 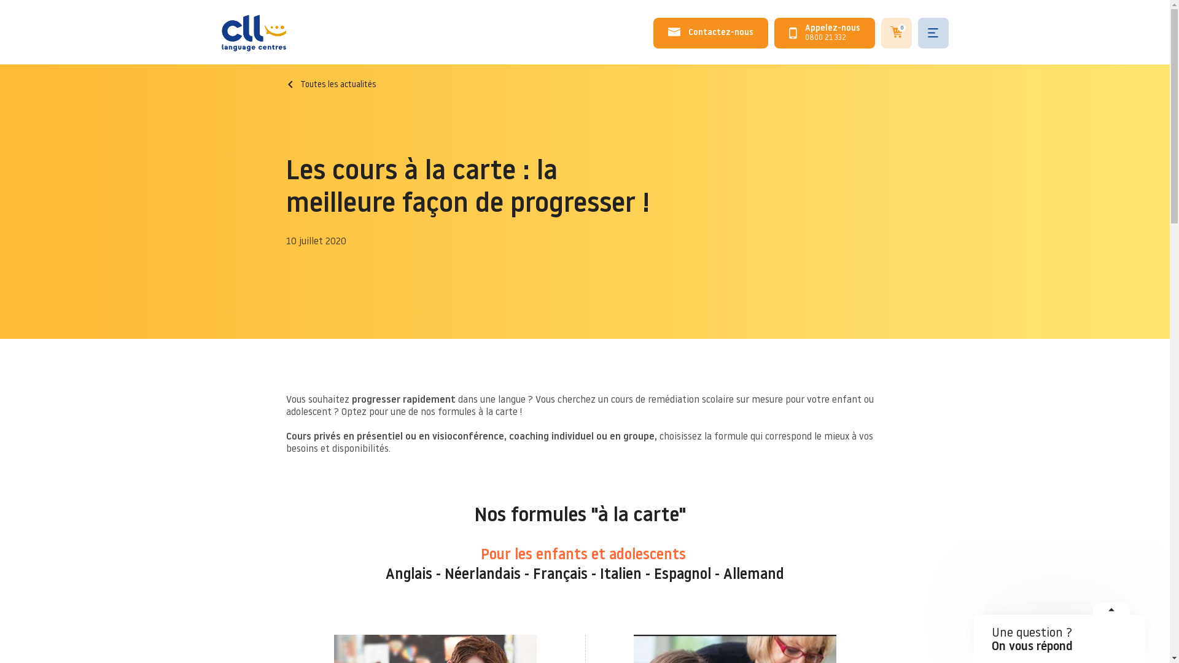 I want to click on 'Ouvrir la modal', so click(x=1111, y=614).